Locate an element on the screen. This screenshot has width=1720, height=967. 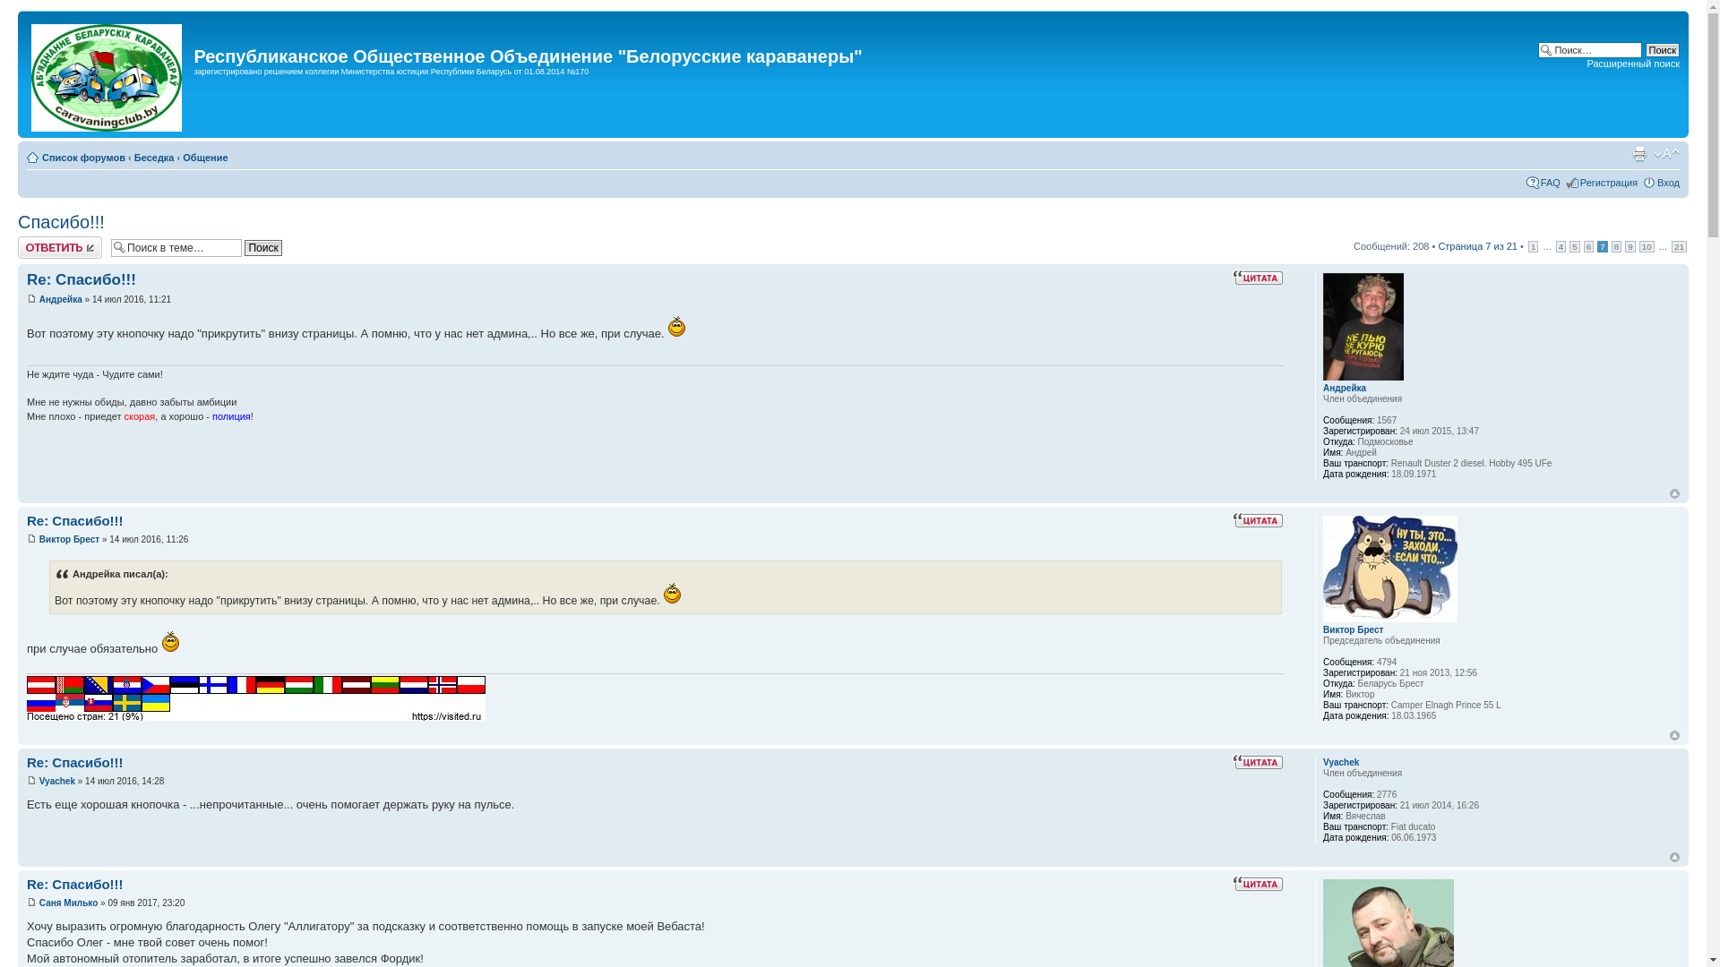
'4' is located at coordinates (1560, 246).